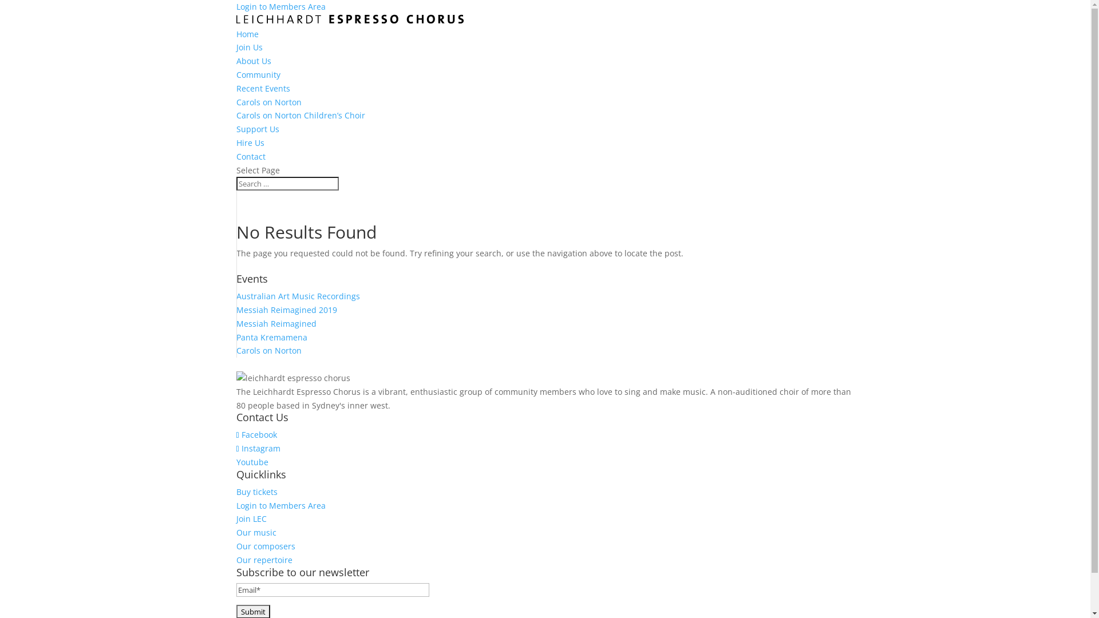  What do you see at coordinates (268, 101) in the screenshot?
I see `'Carols on Norton'` at bounding box center [268, 101].